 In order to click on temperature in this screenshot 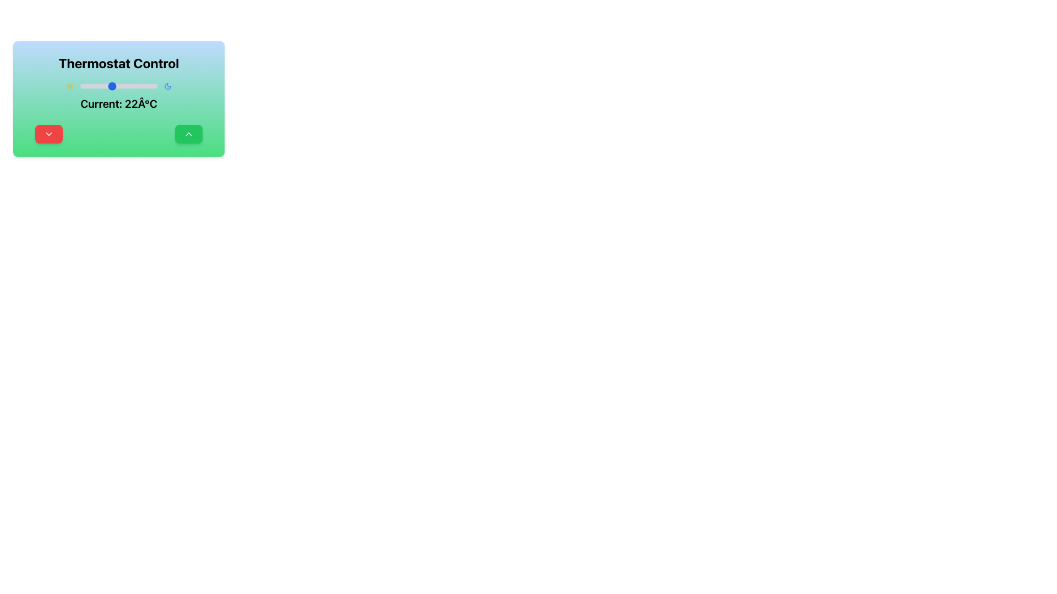, I will do `click(106, 86)`.